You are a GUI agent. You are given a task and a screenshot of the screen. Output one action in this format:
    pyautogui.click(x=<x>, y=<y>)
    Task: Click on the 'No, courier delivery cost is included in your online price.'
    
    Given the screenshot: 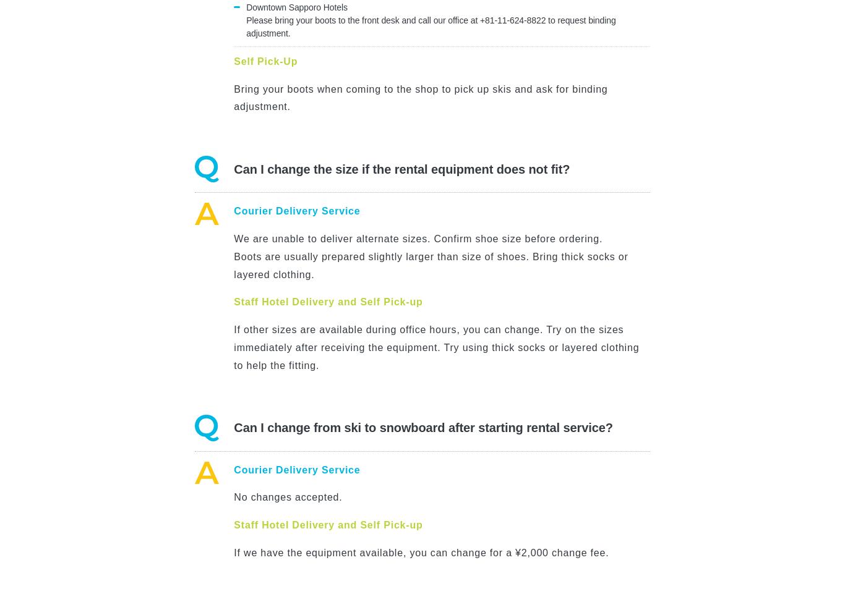 What is the action you would take?
    pyautogui.click(x=369, y=95)
    